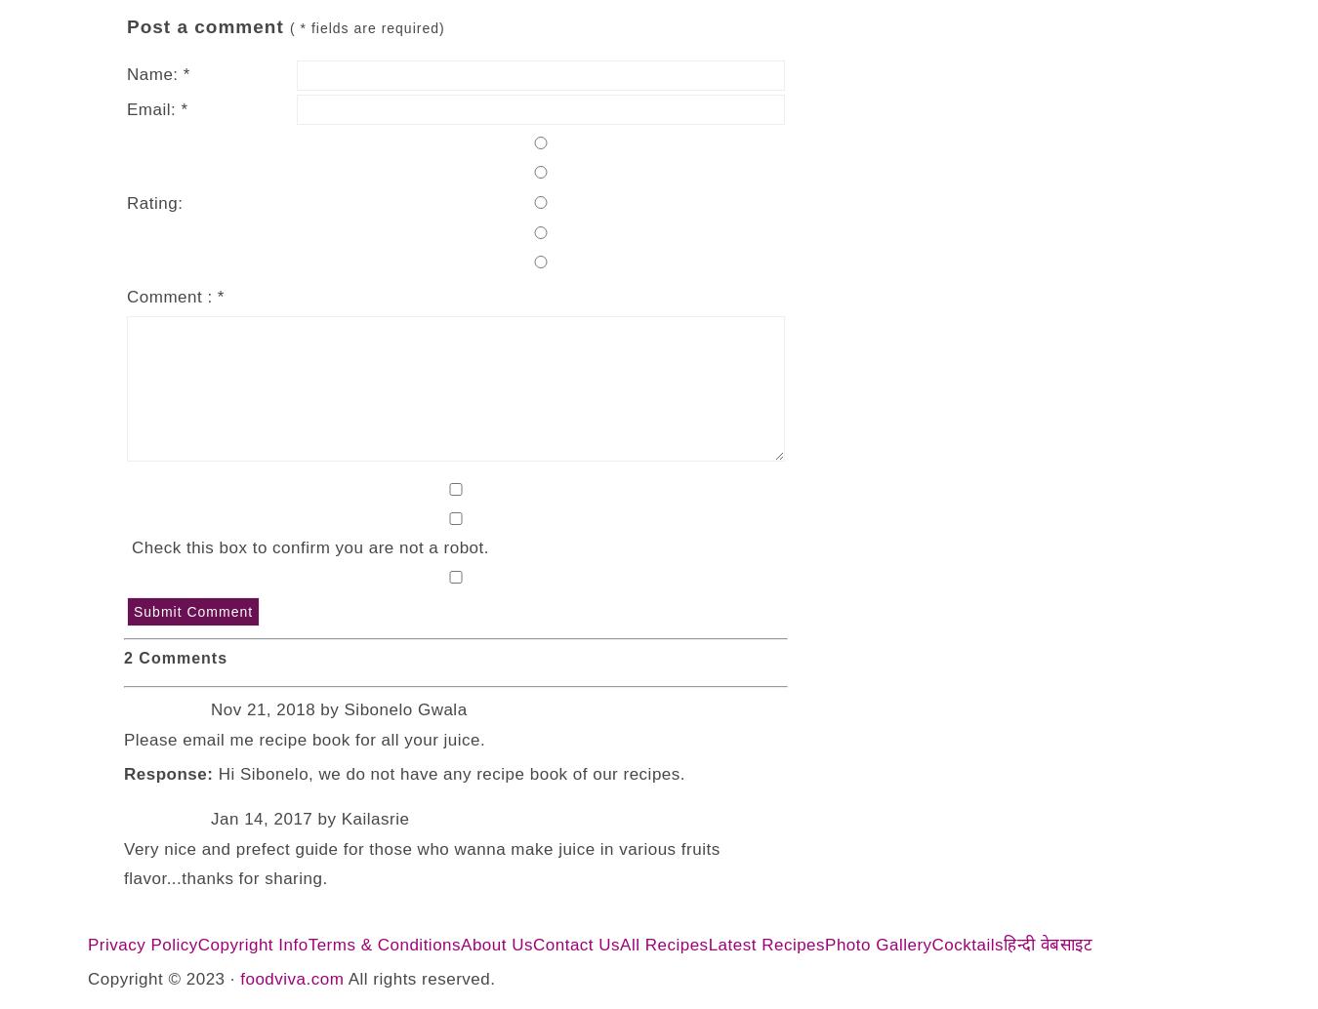 This screenshot has width=1318, height=1009. Describe the element at coordinates (196, 943) in the screenshot. I see `'Copyright Info'` at that location.